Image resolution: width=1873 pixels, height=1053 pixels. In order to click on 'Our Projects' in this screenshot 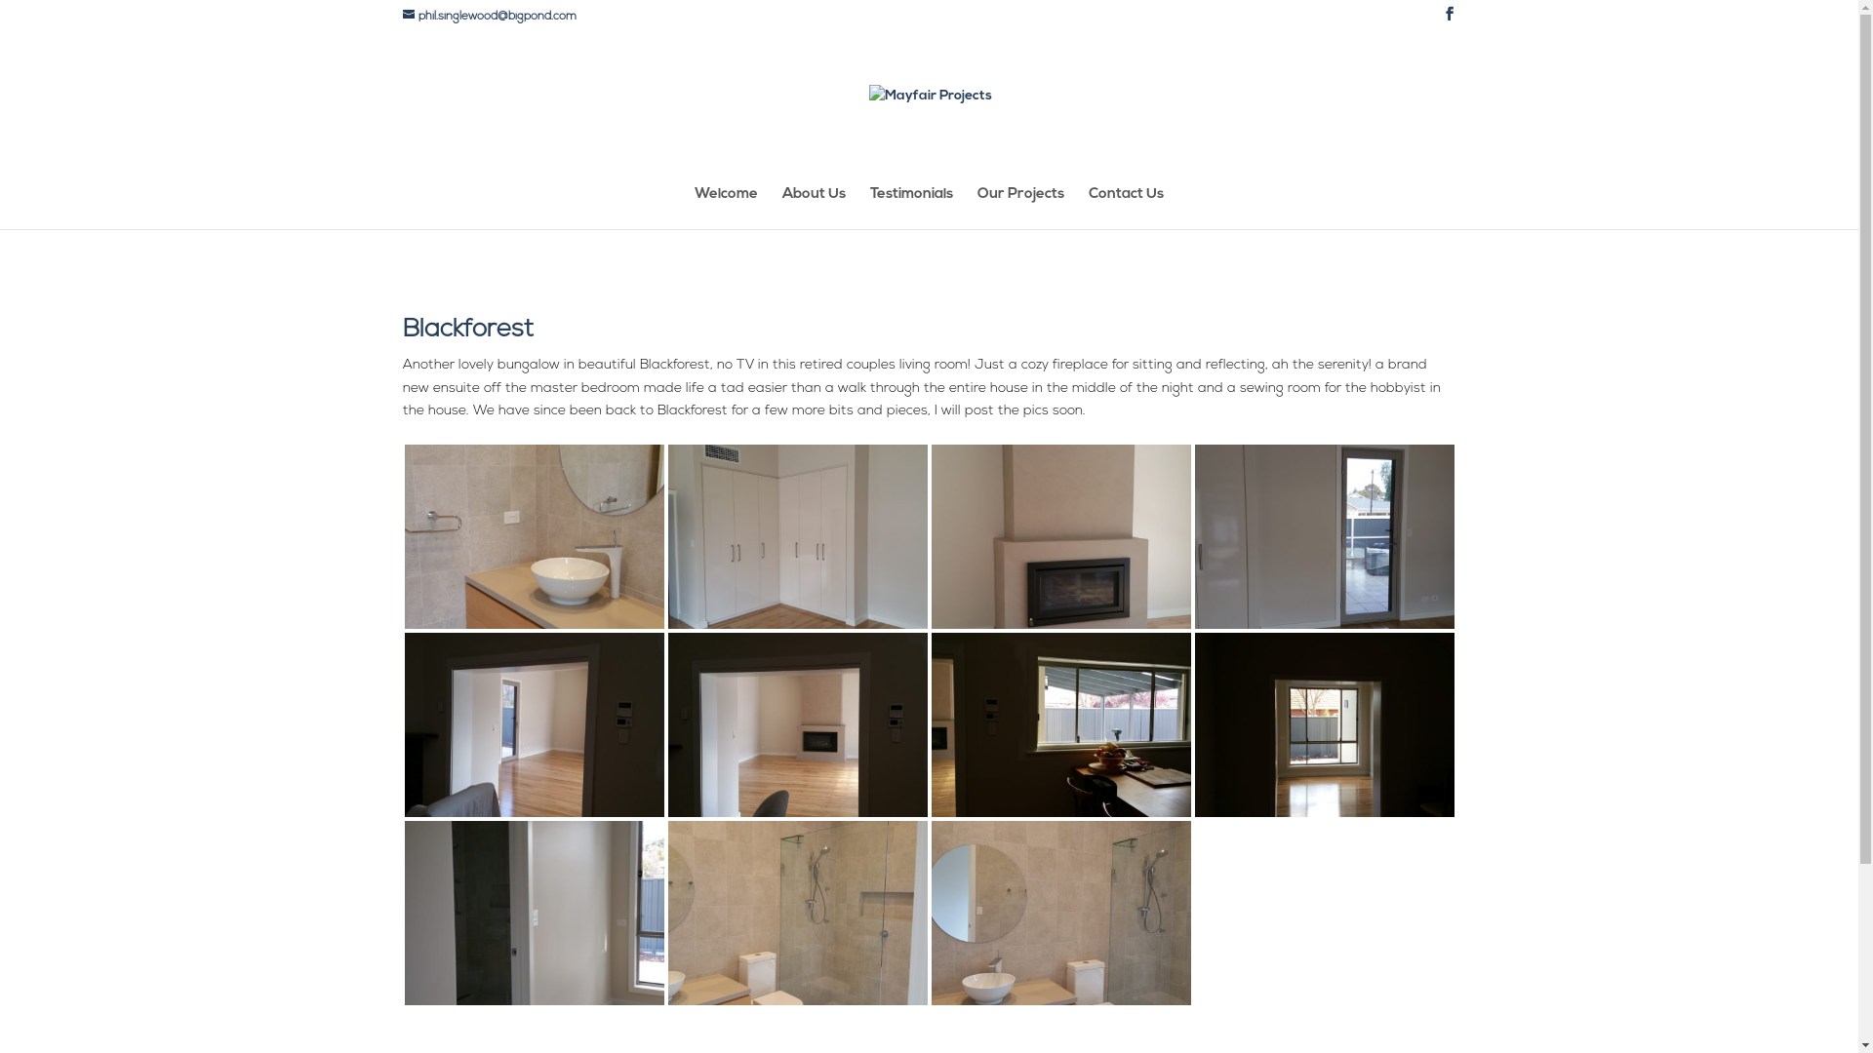, I will do `click(977, 208)`.